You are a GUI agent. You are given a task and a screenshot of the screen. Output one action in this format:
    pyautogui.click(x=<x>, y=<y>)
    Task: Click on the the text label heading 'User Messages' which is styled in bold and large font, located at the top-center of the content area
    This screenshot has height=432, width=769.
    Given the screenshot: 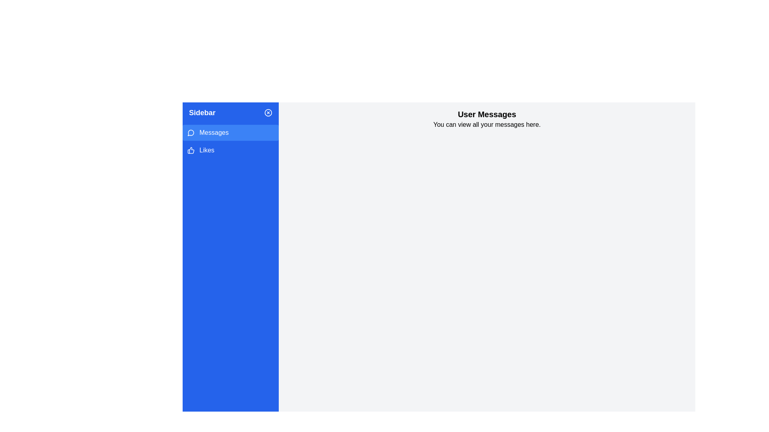 What is the action you would take?
    pyautogui.click(x=486, y=114)
    